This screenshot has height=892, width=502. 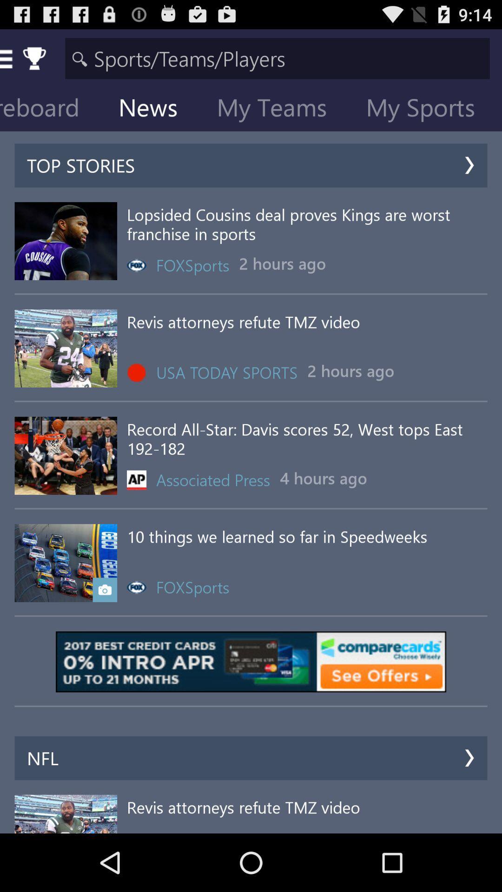 I want to click on the icon next to the news icon, so click(x=278, y=109).